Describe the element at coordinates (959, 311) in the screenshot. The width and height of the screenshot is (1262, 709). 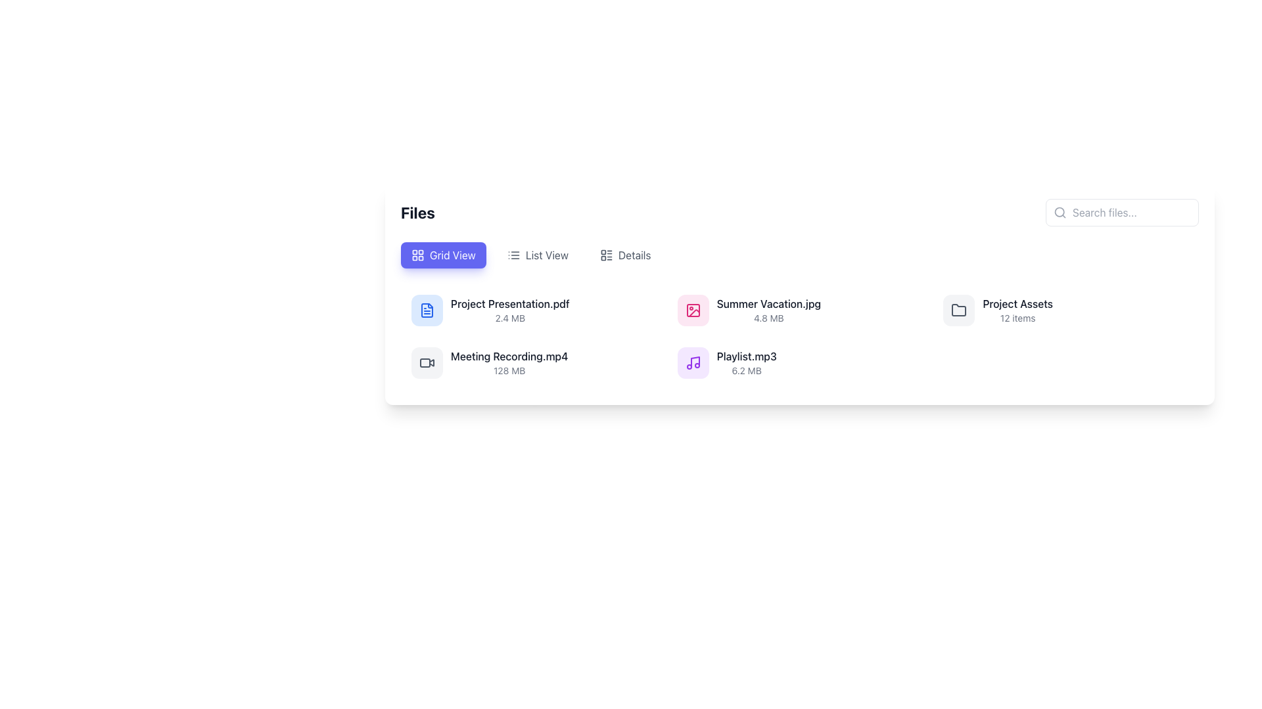
I see `the folder icon representing 'Project Assets' located in the bottom-right area of the 'Files' section` at that location.